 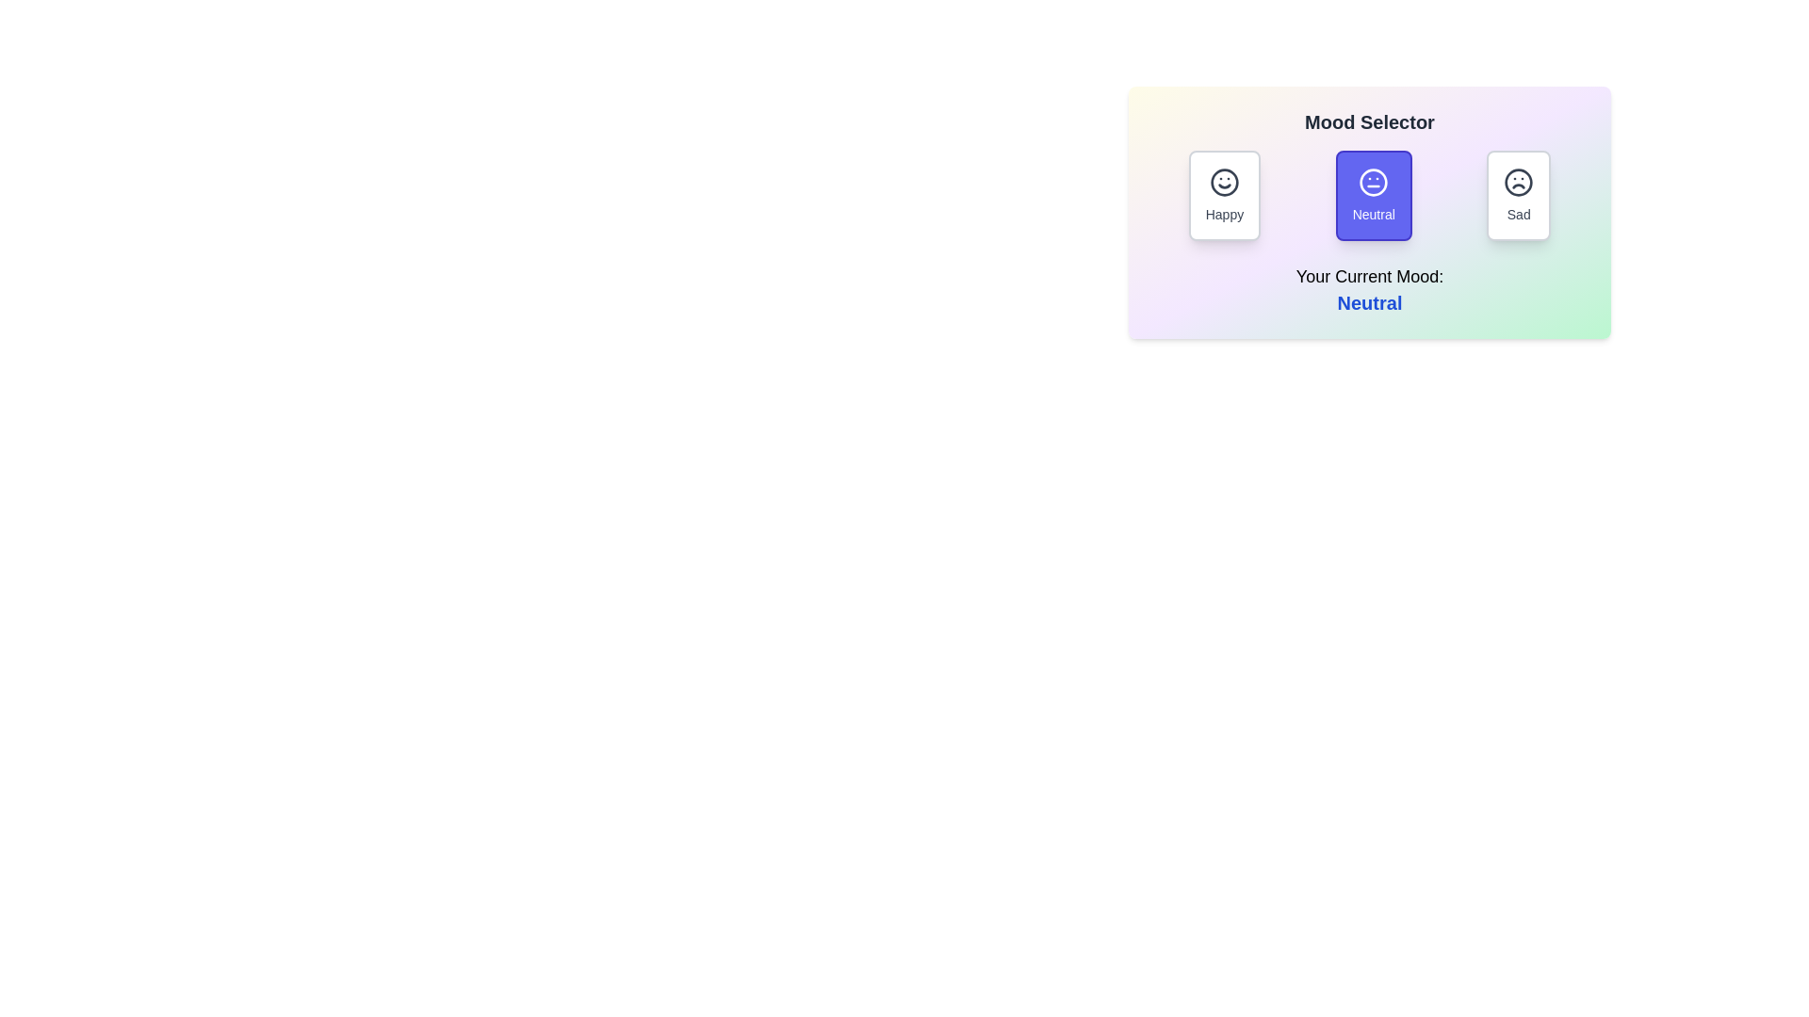 I want to click on the circular vector graphic component representing a sad mood icon, which is the rightmost icon in the Mood Selector series, so click(x=1519, y=182).